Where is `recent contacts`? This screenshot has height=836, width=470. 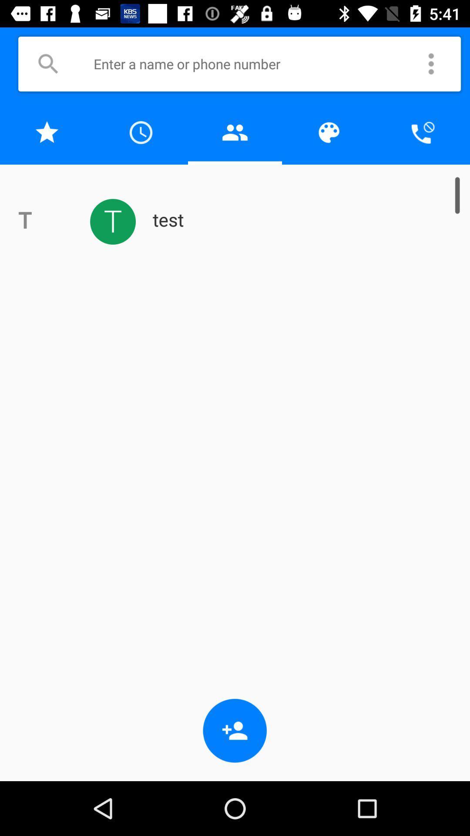 recent contacts is located at coordinates (141, 132).